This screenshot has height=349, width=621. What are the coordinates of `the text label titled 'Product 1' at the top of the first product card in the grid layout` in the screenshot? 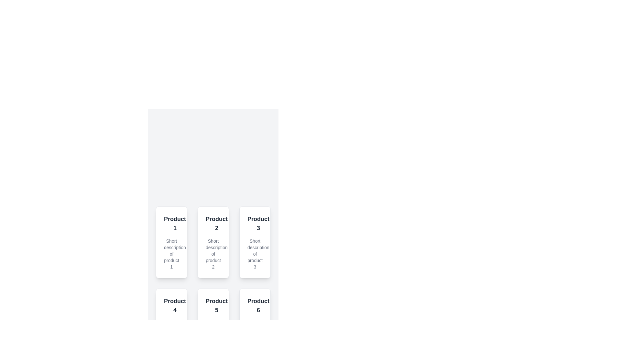 It's located at (171, 223).